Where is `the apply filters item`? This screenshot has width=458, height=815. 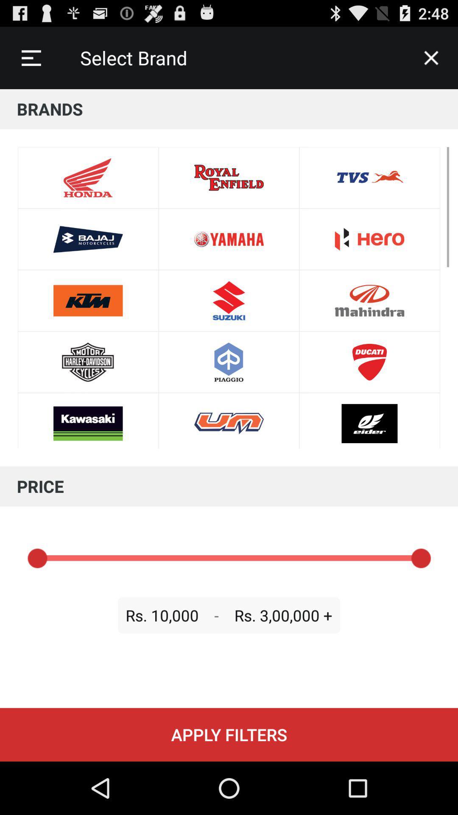
the apply filters item is located at coordinates (229, 734).